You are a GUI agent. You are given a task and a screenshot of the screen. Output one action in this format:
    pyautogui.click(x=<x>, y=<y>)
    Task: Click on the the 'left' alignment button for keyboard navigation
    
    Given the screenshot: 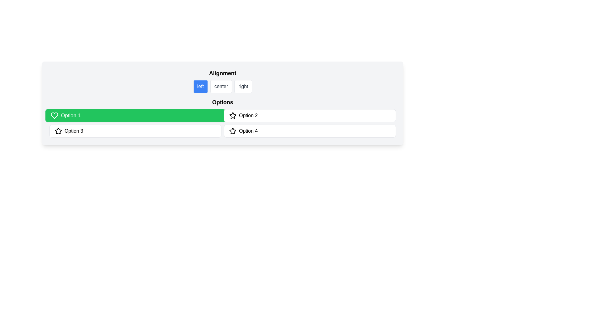 What is the action you would take?
    pyautogui.click(x=200, y=87)
    